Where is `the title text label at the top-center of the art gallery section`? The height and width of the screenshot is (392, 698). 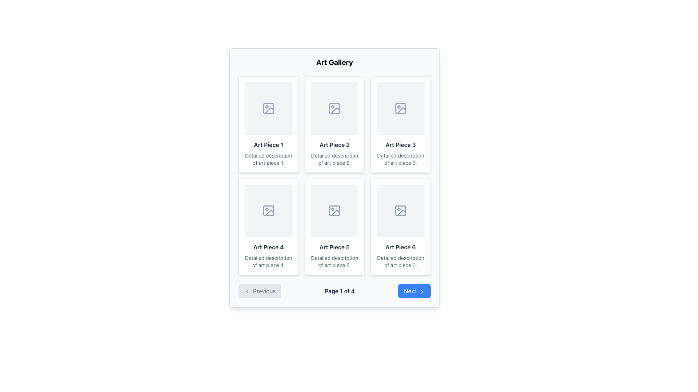
the title text label at the top-center of the art gallery section is located at coordinates (334, 62).